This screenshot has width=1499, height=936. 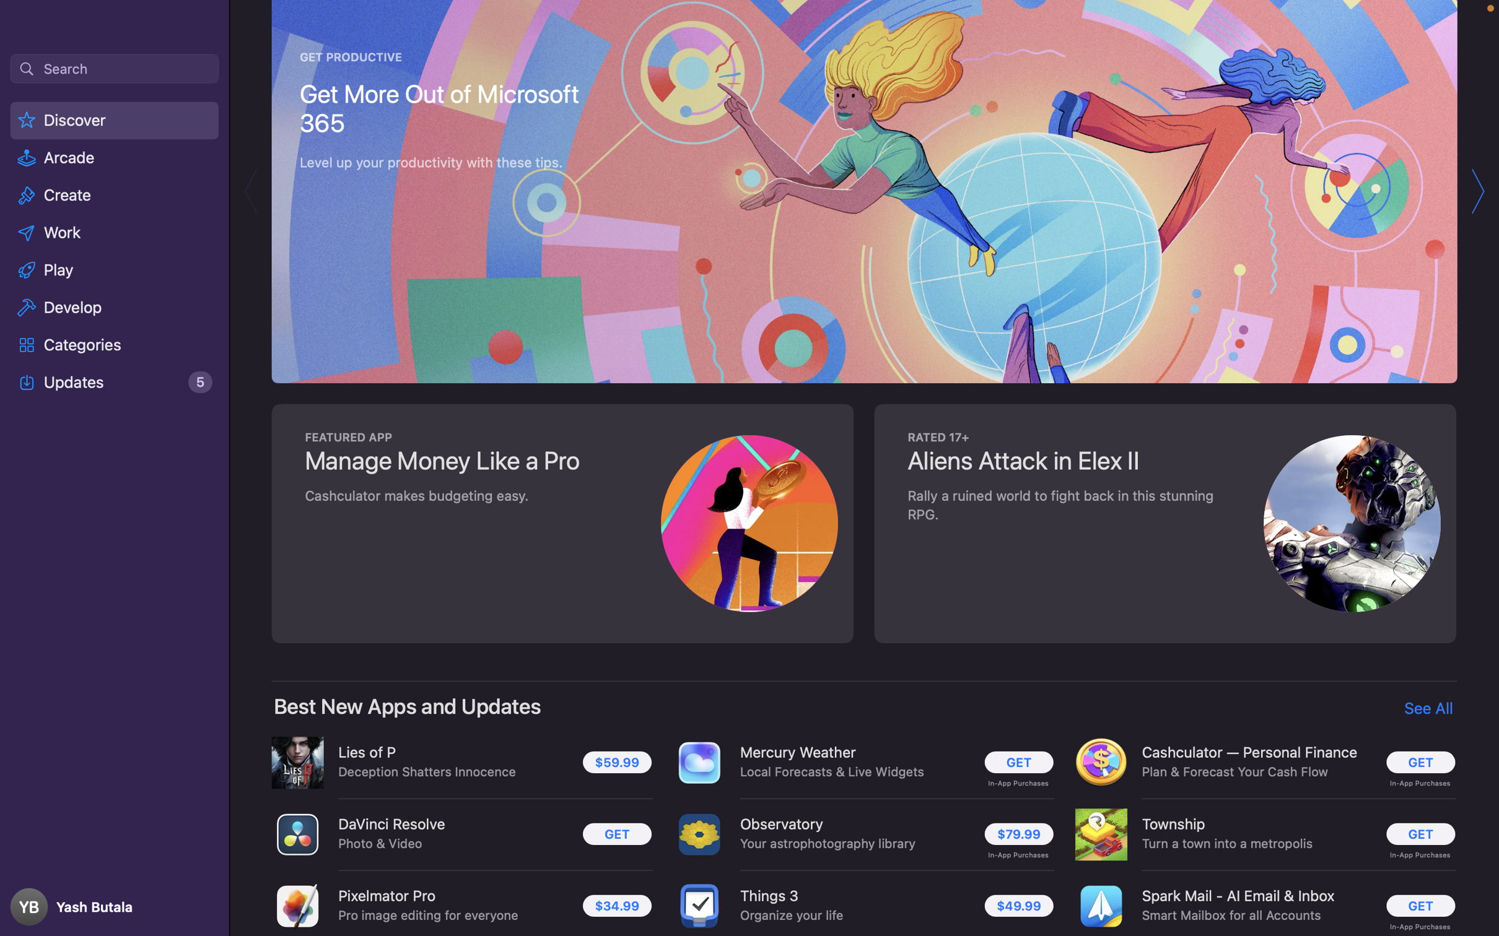 What do you see at coordinates (1417, 907) in the screenshot?
I see `Run the setup for the "Spark Mail - AI Email & Inbox" software` at bounding box center [1417, 907].